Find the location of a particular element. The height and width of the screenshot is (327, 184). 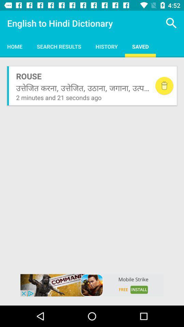

for delete is located at coordinates (164, 85).